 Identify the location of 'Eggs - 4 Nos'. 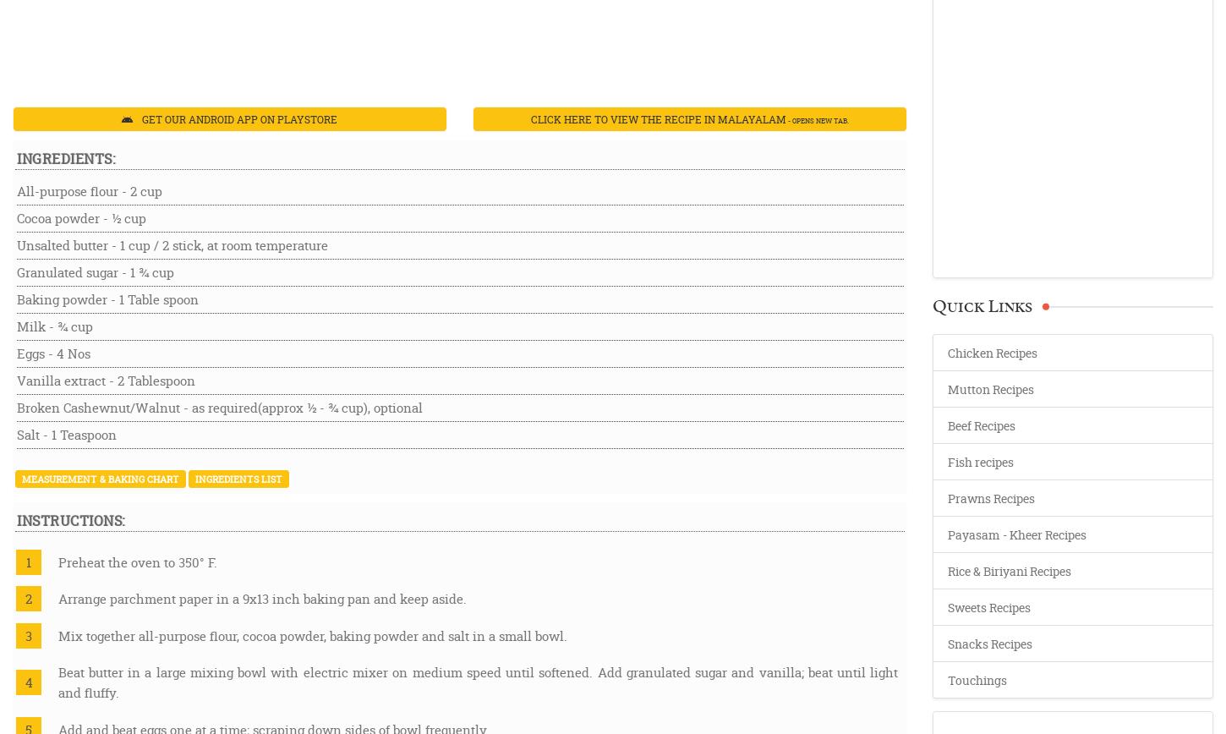
(53, 353).